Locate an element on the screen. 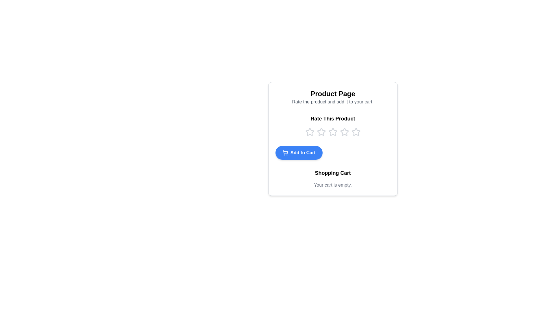  the 'Product Page' text heading, which is prominently displayed at the top of a centered panel within the interface is located at coordinates (333, 93).